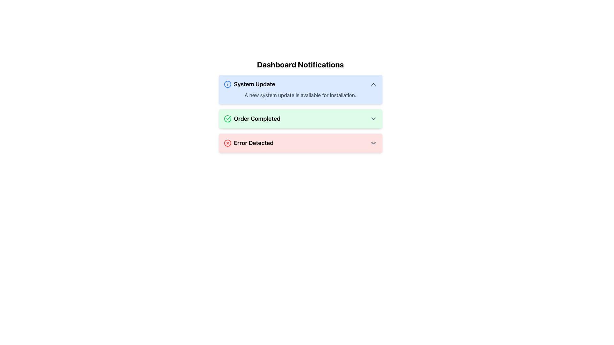  What do you see at coordinates (300, 142) in the screenshot?
I see `the error notification banner located in the third notification card titled 'Error Detected'` at bounding box center [300, 142].